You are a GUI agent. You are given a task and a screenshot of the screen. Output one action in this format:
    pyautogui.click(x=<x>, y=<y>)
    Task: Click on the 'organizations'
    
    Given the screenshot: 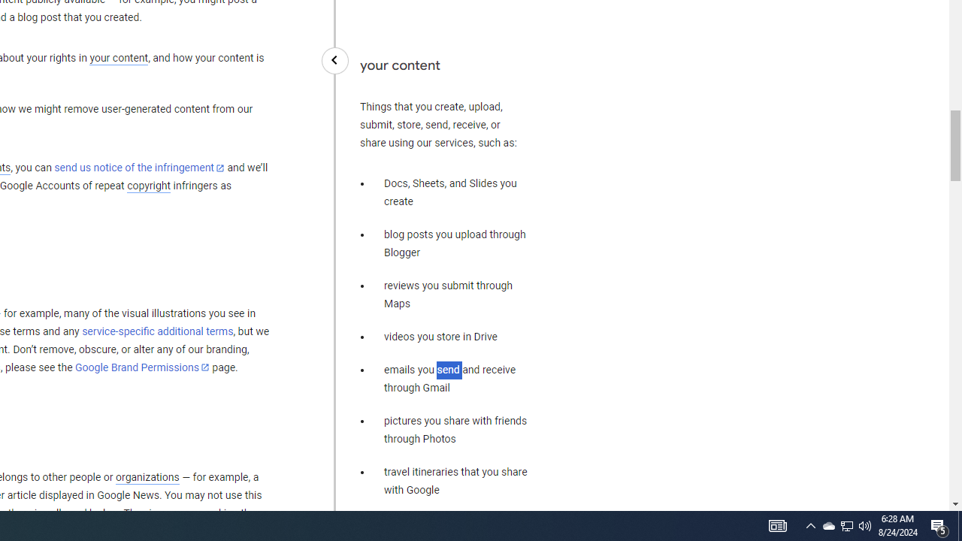 What is the action you would take?
    pyautogui.click(x=147, y=477)
    